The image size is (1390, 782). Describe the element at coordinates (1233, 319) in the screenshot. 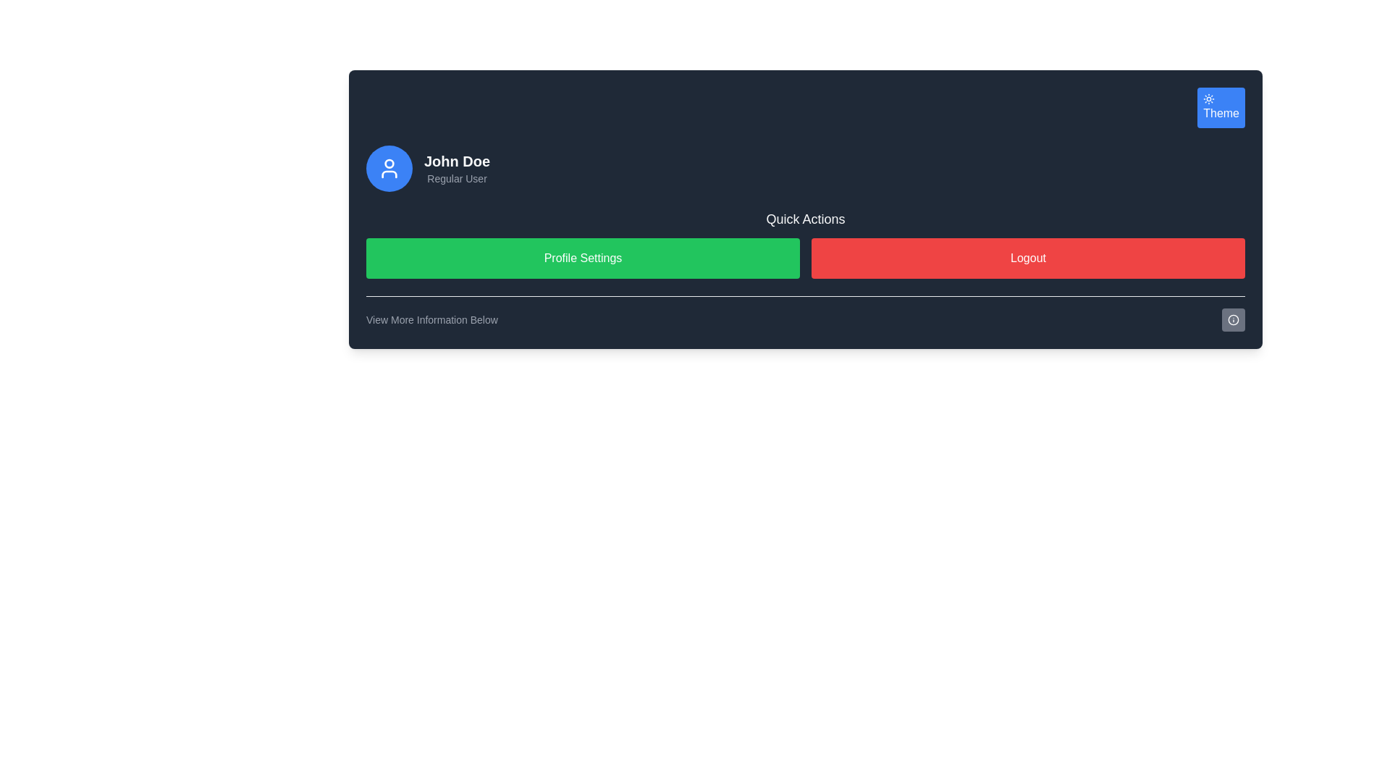

I see `the small square button with rounded corners and an information icon to observe the hover effect` at that location.